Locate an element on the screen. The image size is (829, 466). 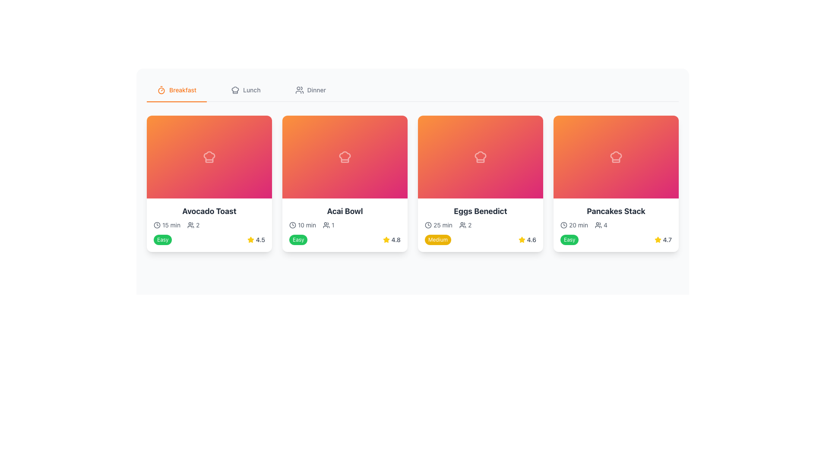
the text label displaying the rating value for the 'Pancakes Stack' meal card, which is located in the bottom-right corner of the card, next to a star icon is located at coordinates (667, 239).